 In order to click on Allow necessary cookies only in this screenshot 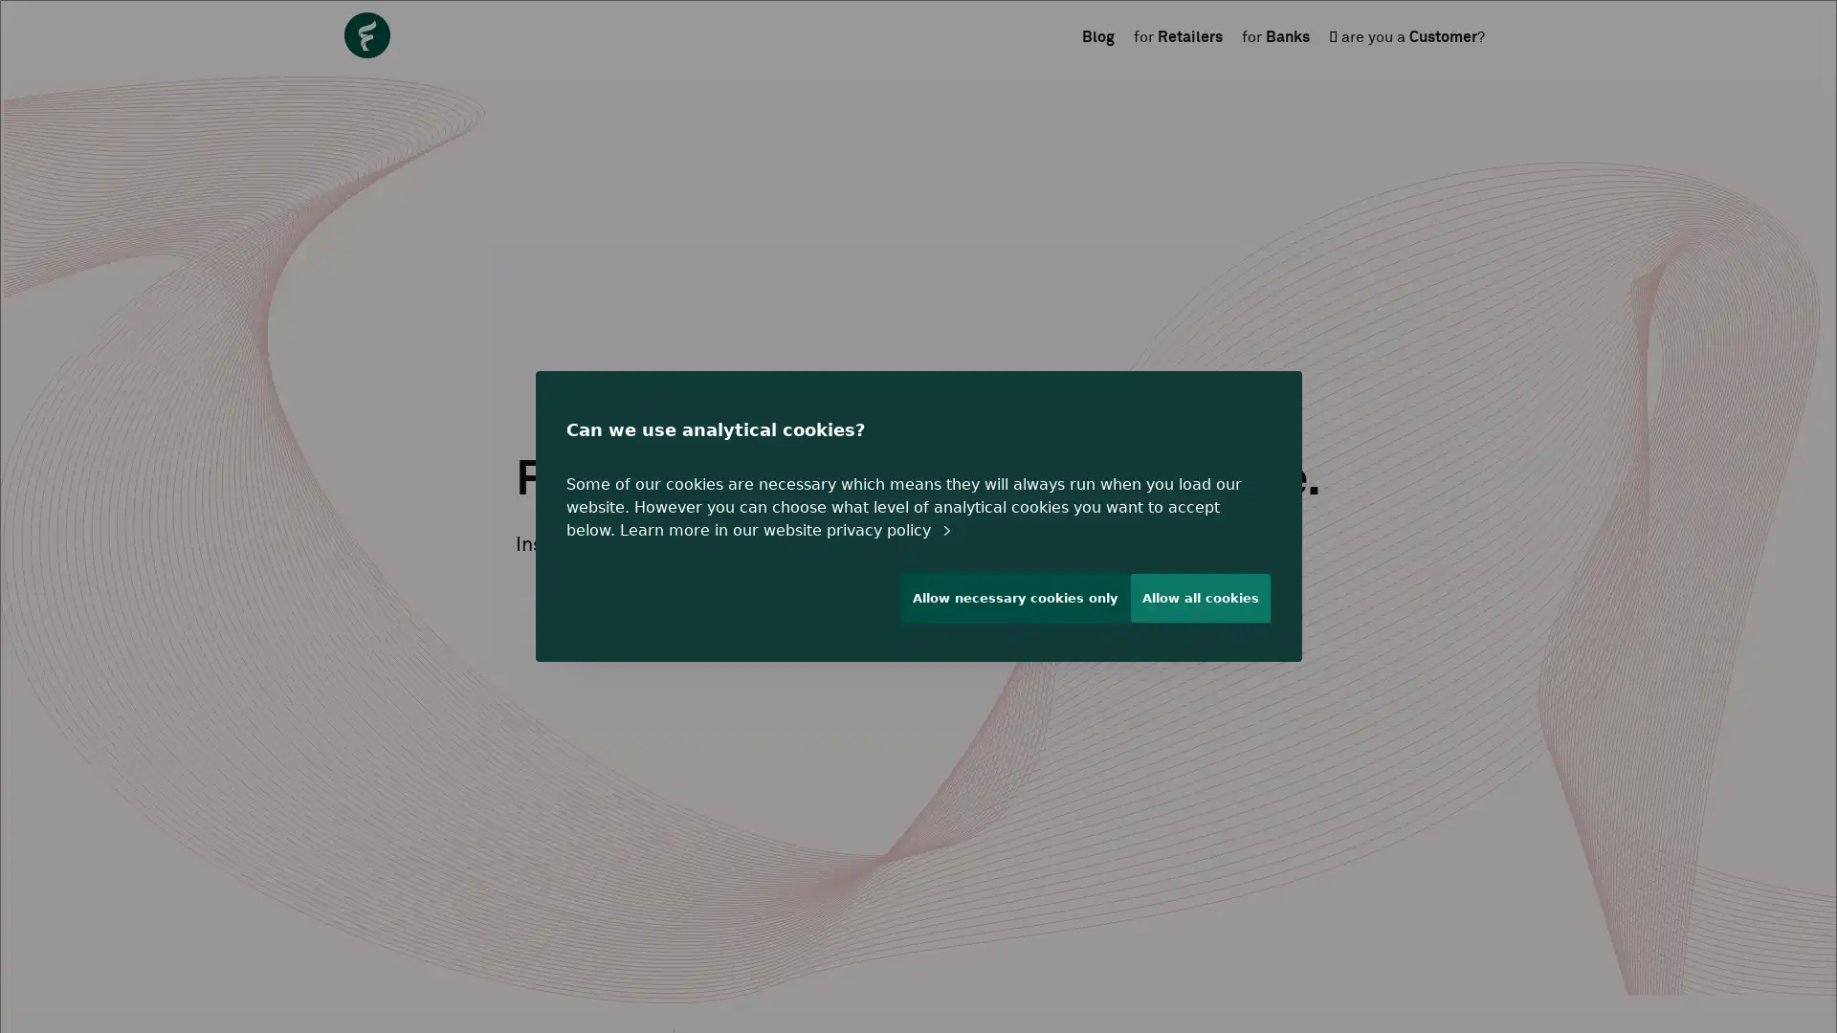, I will do `click(1005, 605)`.